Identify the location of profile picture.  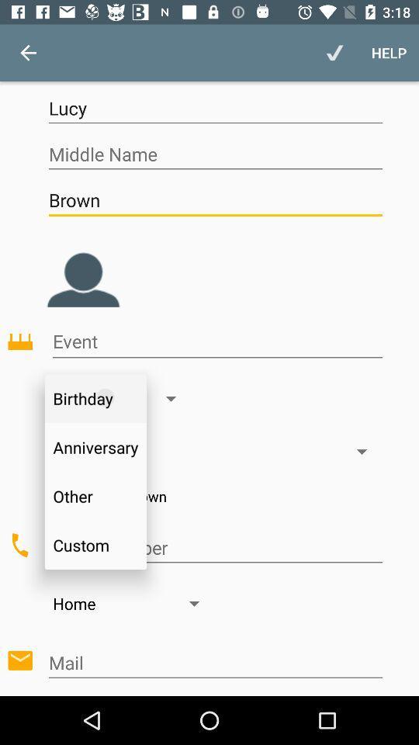
(83, 268).